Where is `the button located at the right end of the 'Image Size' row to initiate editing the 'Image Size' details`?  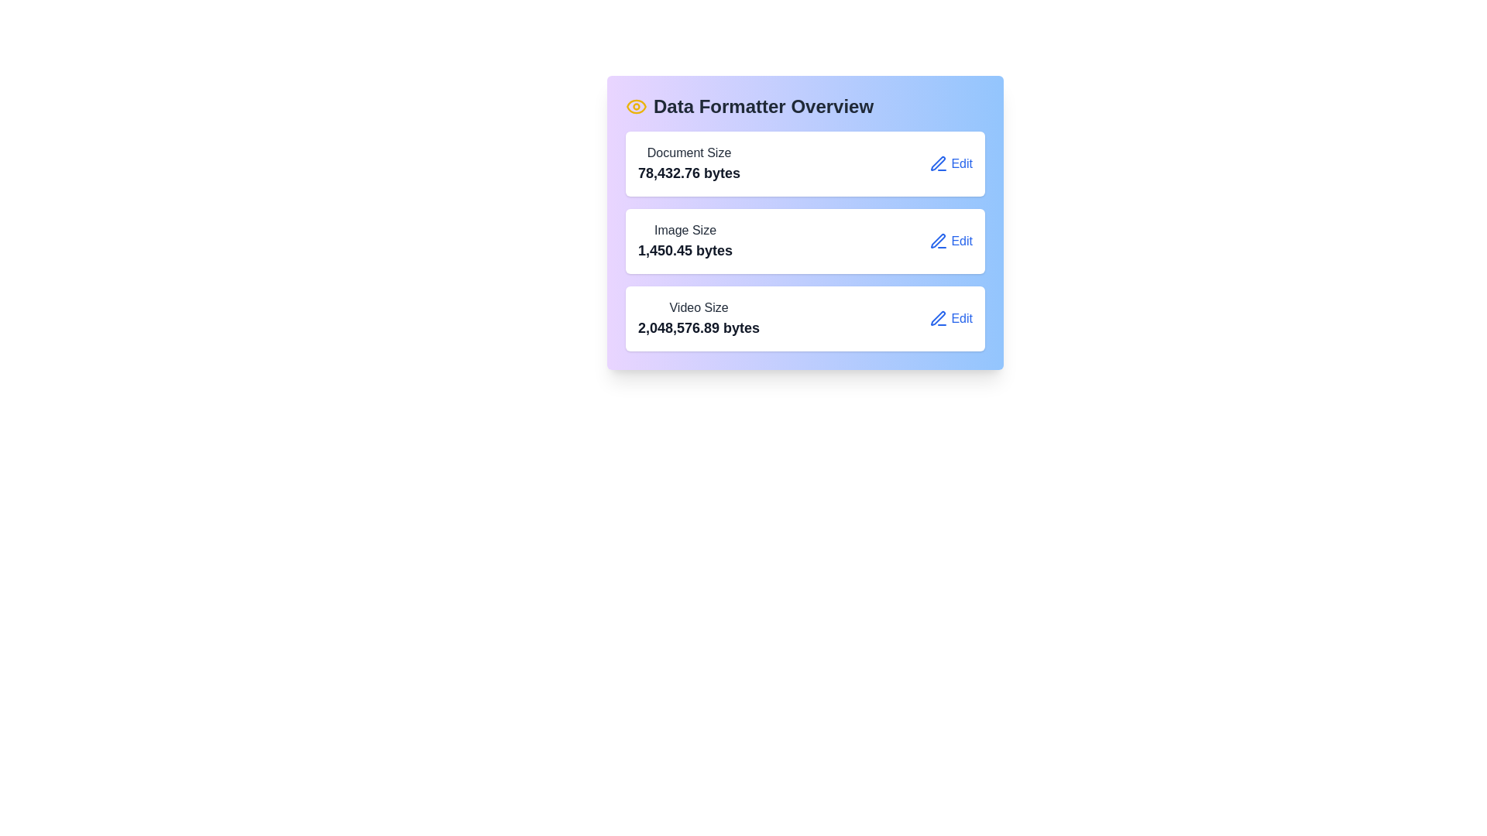
the button located at the right end of the 'Image Size' row to initiate editing the 'Image Size' details is located at coordinates (950, 242).